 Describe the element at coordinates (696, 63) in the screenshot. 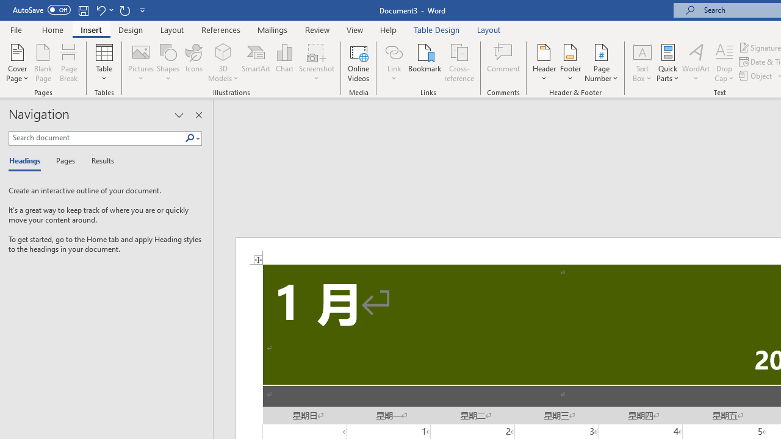

I see `'WordArt'` at that location.